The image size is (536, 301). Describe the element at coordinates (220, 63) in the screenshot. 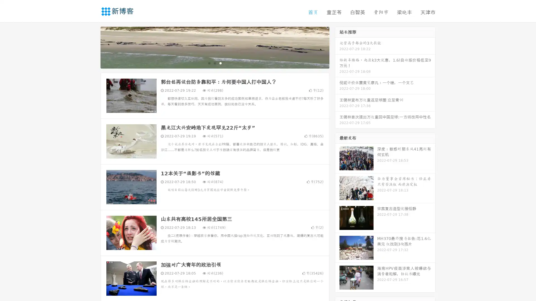

I see `Go to slide 3` at that location.